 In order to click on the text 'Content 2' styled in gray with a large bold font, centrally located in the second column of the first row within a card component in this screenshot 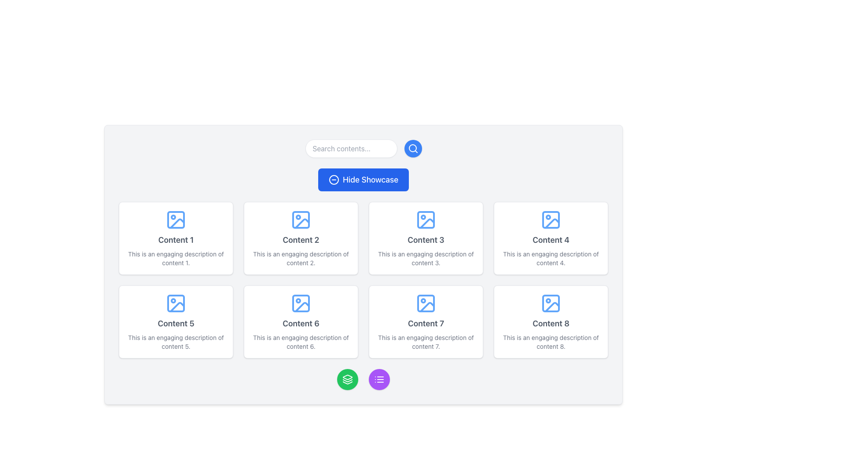, I will do `click(301, 240)`.